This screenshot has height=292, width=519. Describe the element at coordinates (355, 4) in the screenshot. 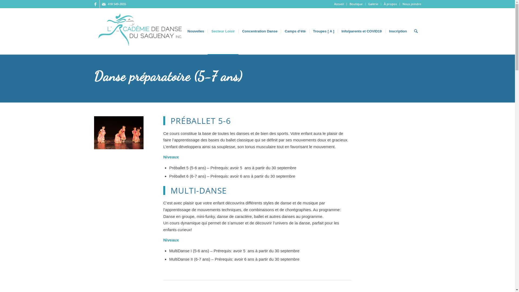

I see `'Boutique'` at that location.